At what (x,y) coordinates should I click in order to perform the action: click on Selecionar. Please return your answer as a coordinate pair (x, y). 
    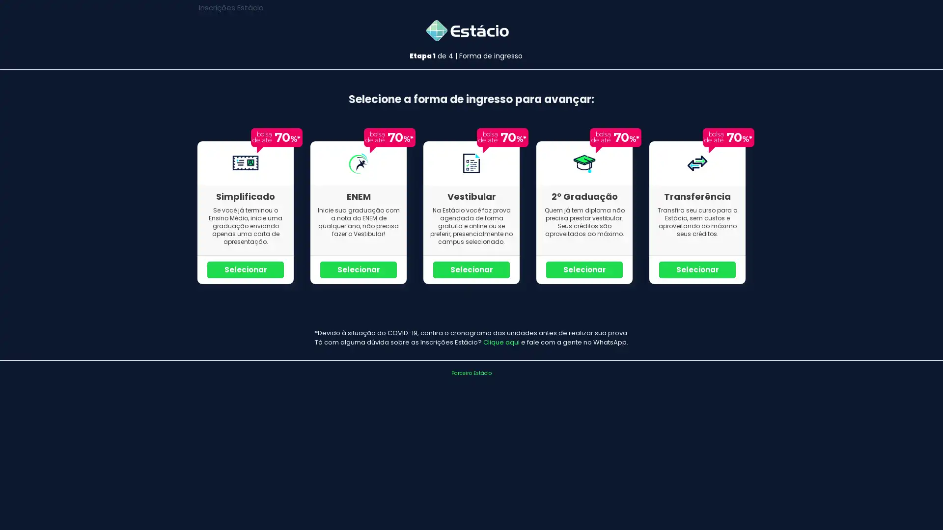
    Looking at the image, I should click on (245, 269).